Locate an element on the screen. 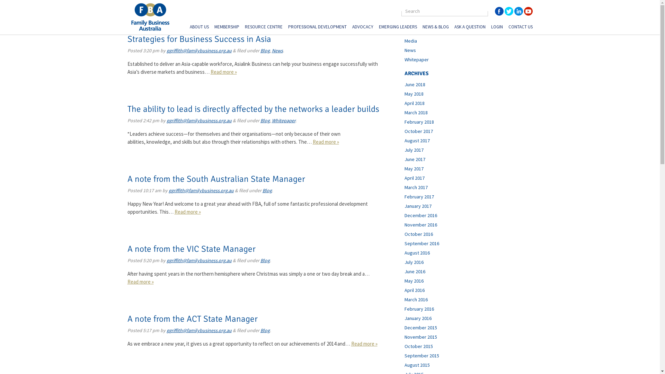 This screenshot has width=665, height=374. 'MEMBERSHIP' is located at coordinates (226, 27).